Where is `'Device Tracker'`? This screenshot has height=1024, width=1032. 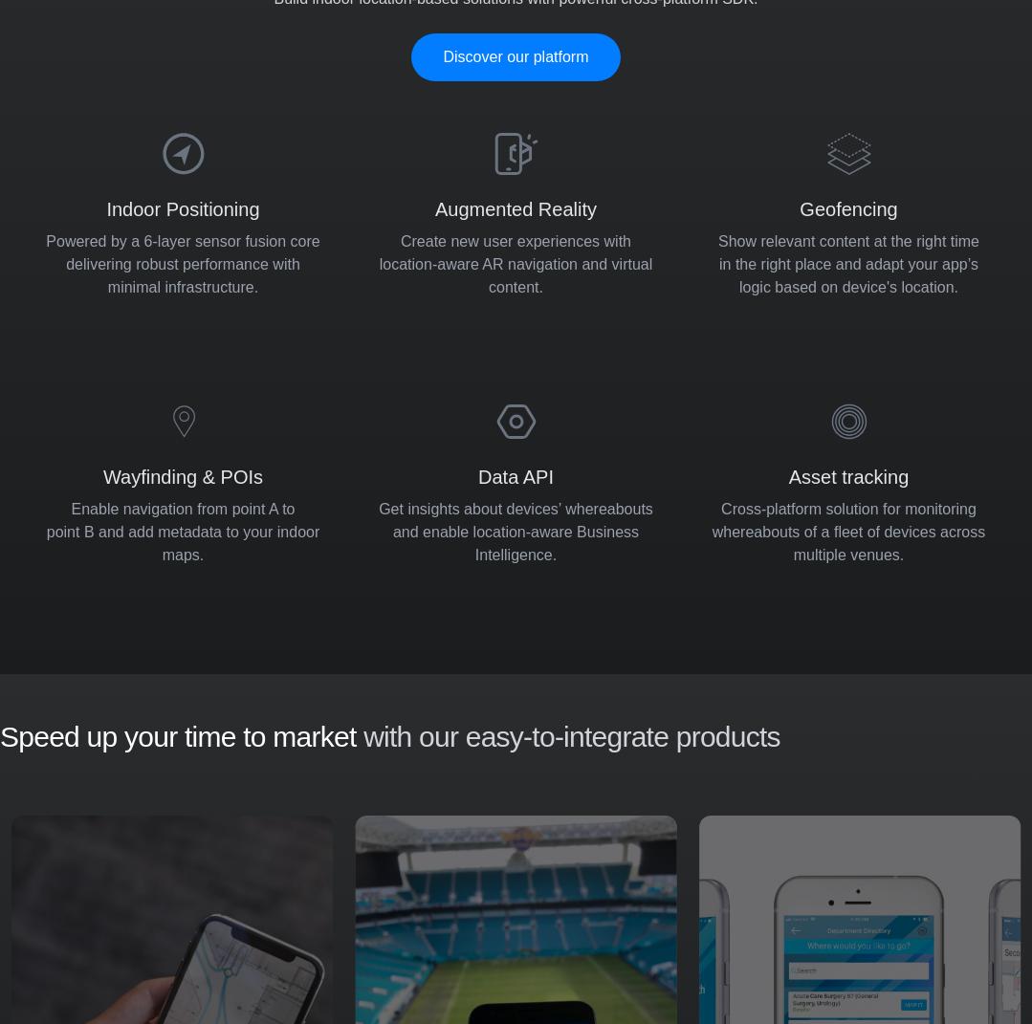
'Device Tracker' is located at coordinates (481, 893).